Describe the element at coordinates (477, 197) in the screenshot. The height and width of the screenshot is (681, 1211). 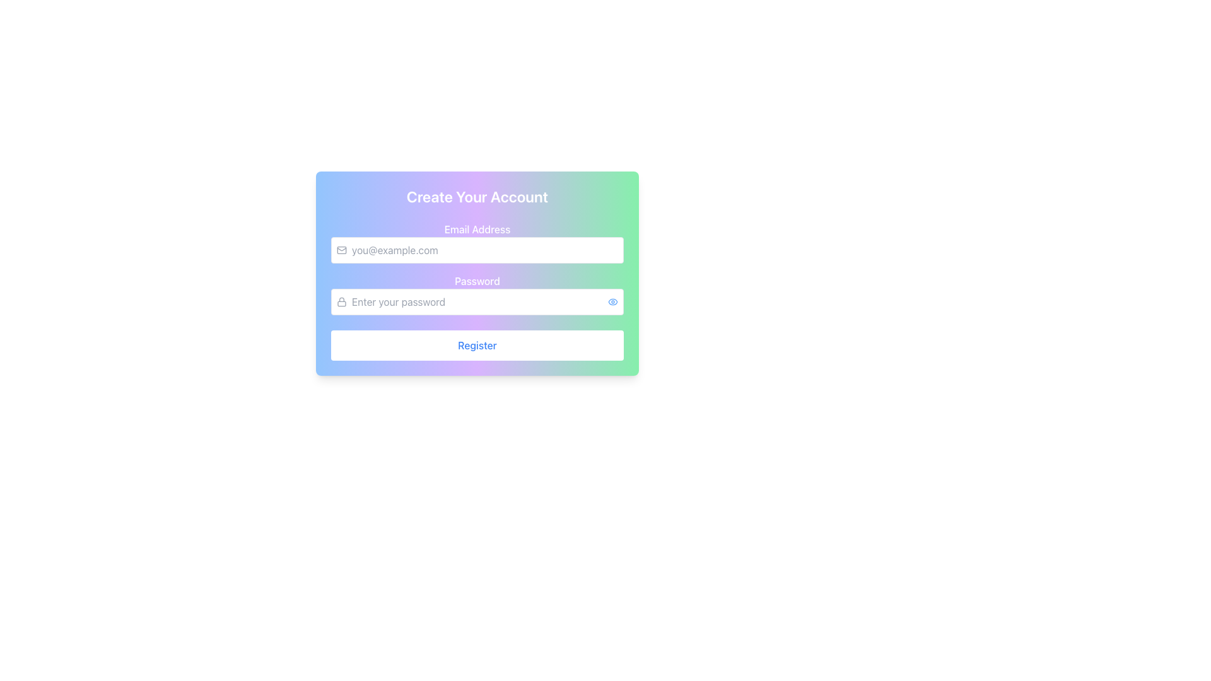
I see `text from the heading text label at the top of the registration form, which invites users to create an account` at that location.